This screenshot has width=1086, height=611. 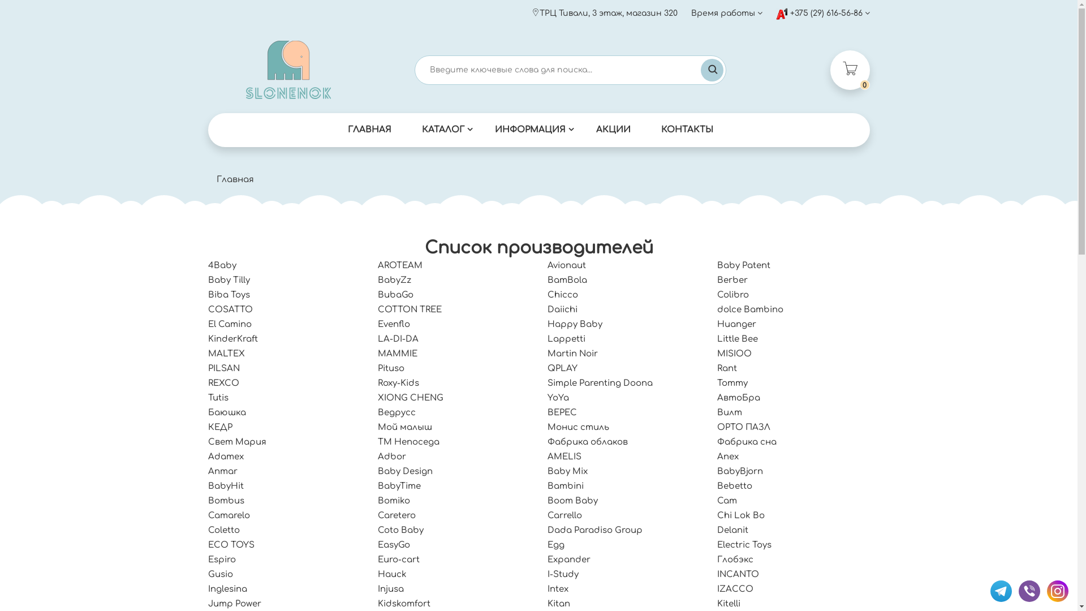 I want to click on 'INCANTO', so click(x=738, y=574).